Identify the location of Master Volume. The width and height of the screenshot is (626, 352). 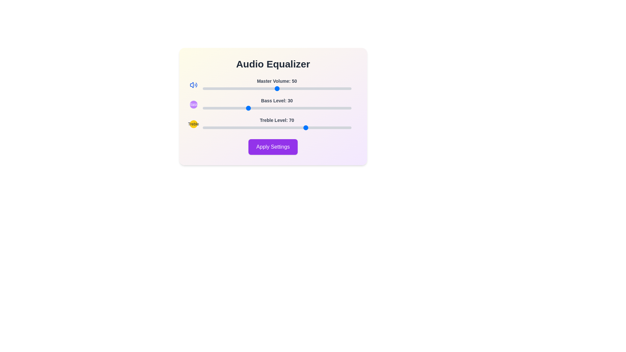
(316, 89).